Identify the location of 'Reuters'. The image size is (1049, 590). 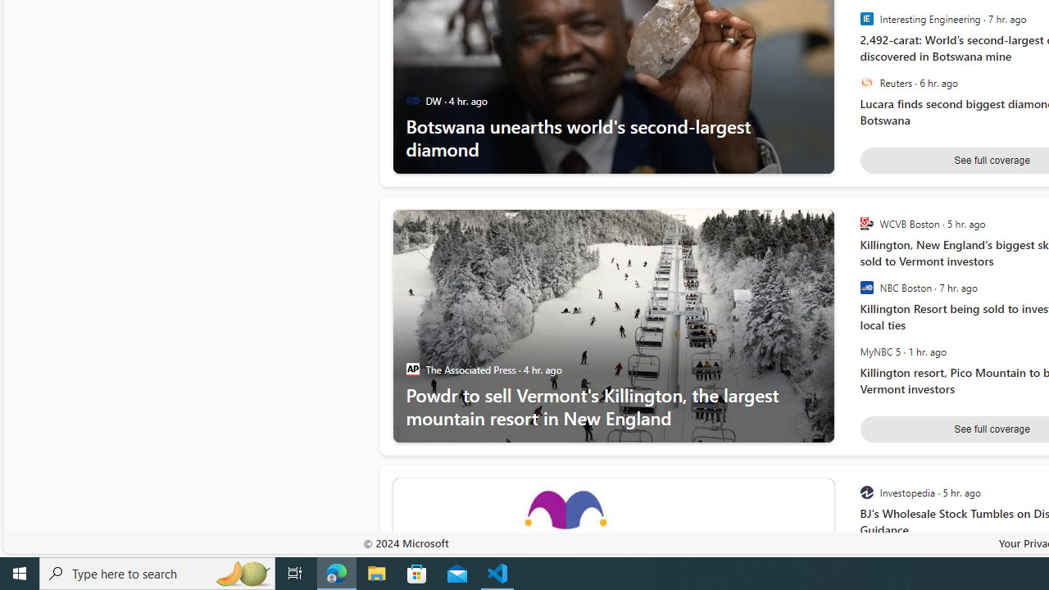
(865, 83).